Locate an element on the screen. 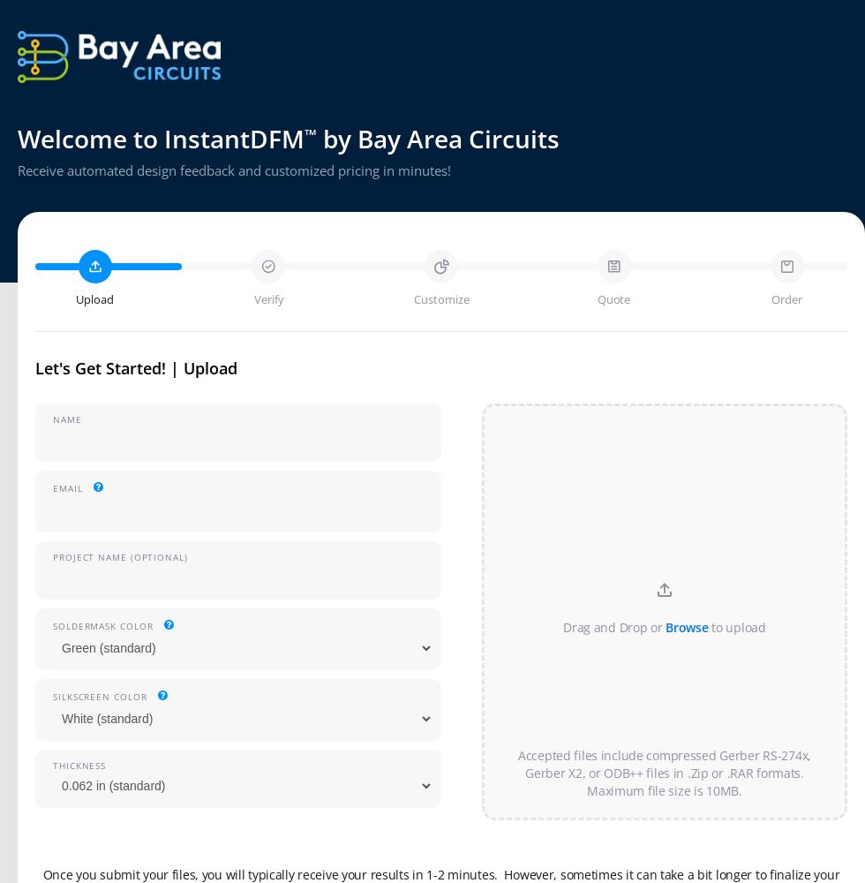  'Welcome to InstantDFM' is located at coordinates (161, 139).